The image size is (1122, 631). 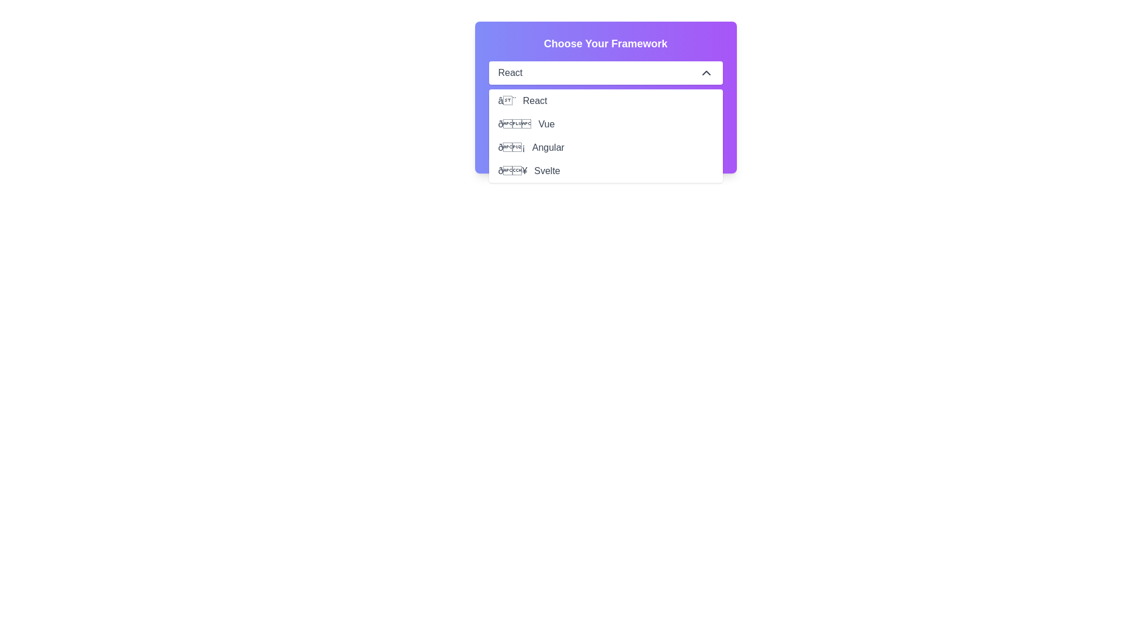 I want to click on the black sparkle or star icon preceding the text 'React' in the dropdown list, so click(x=507, y=100).